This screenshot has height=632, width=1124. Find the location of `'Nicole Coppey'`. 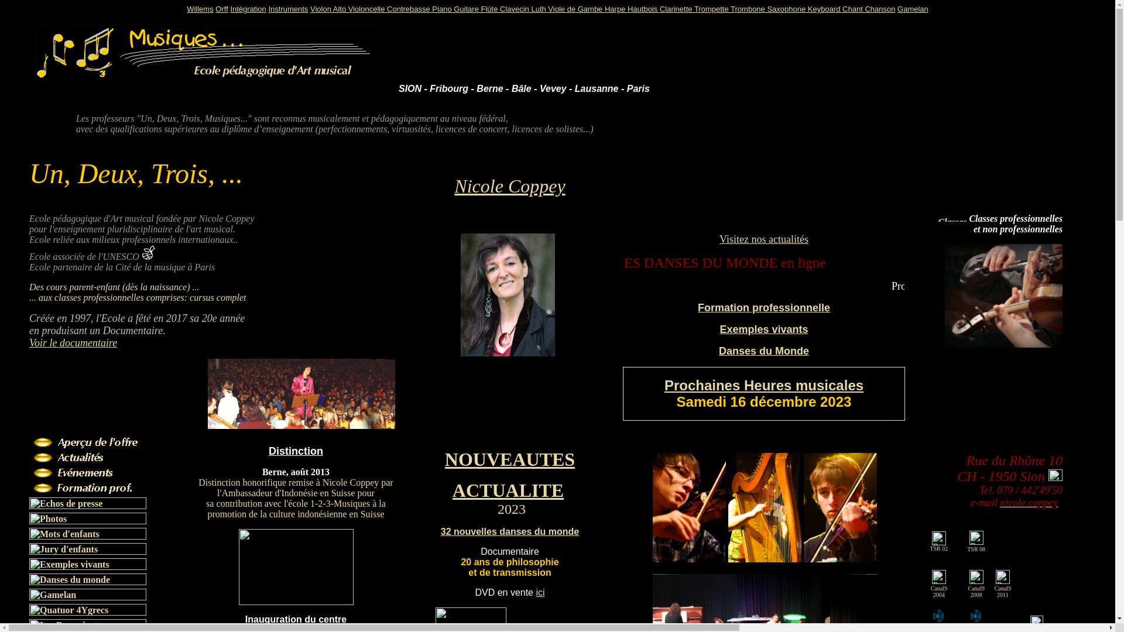

'Nicole Coppey' is located at coordinates (454, 185).